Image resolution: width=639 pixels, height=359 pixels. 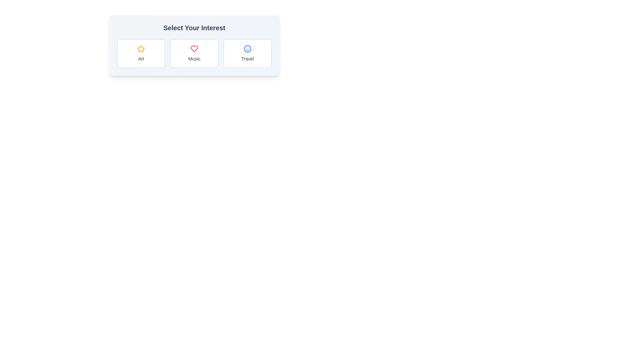 I want to click on text content of the descriptive label for the 'Travel' selection option located beneath the smiley face icon in the rightmost card of the three horizontally aligned cards, so click(x=247, y=59).